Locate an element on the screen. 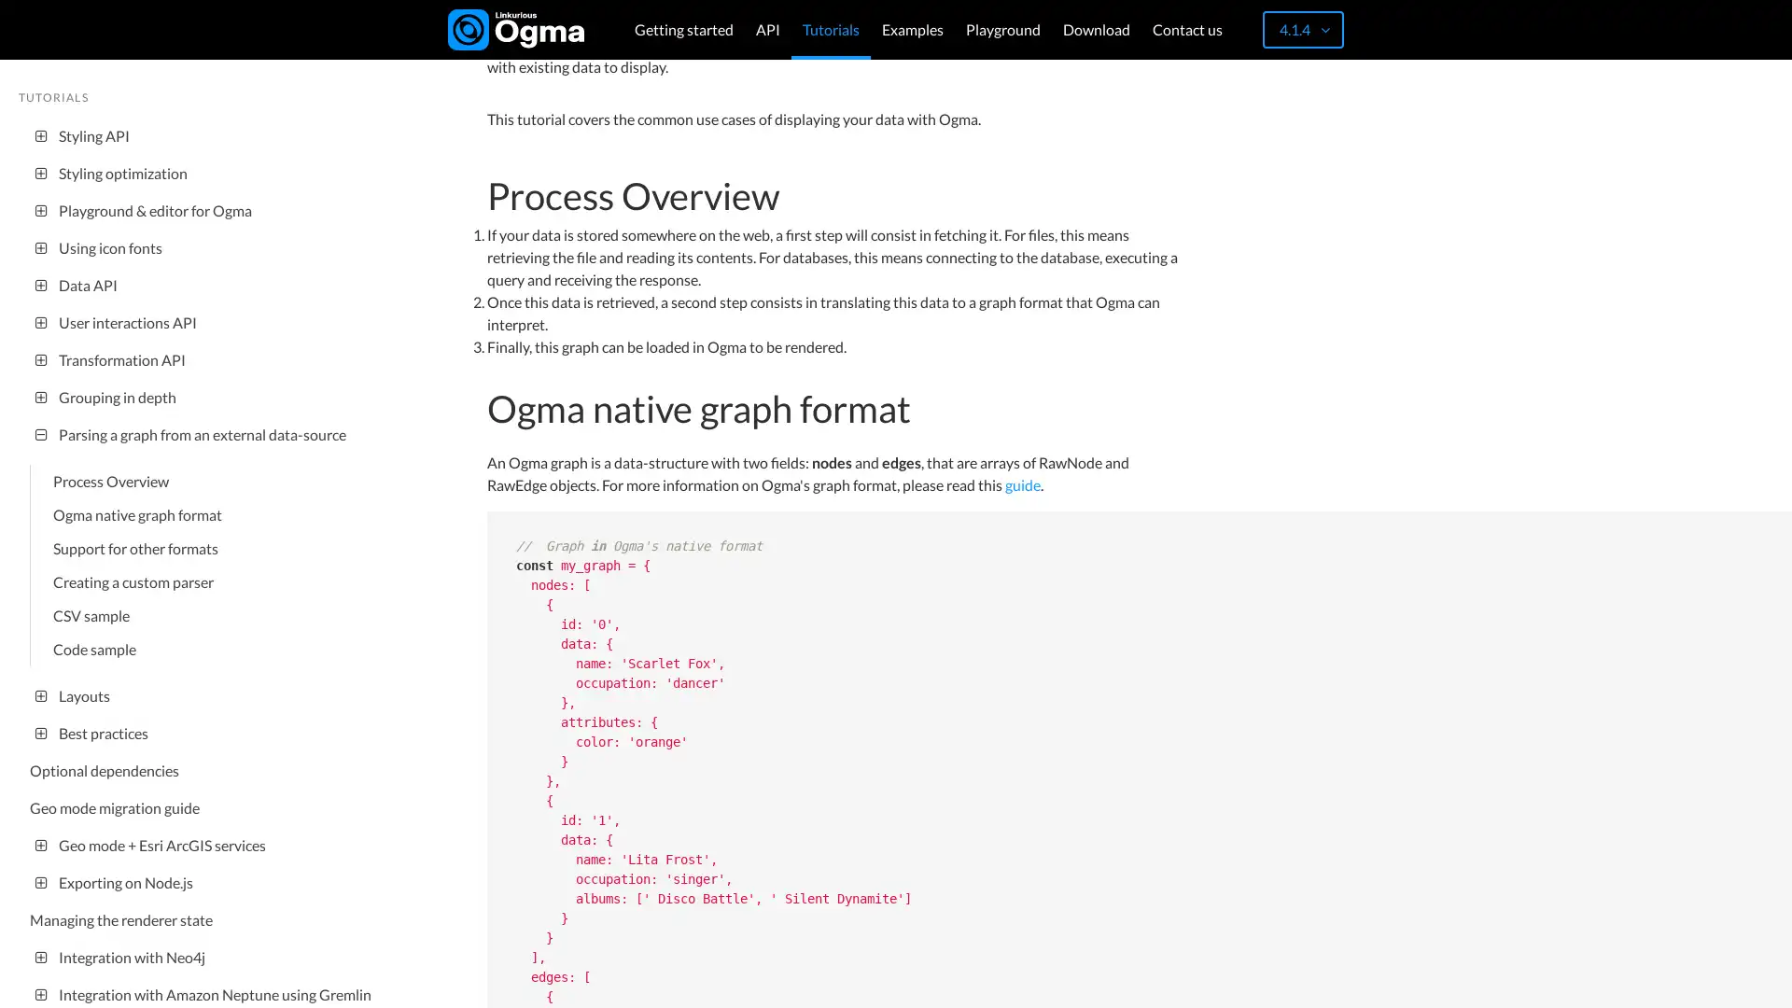 This screenshot has width=1792, height=1008. 4.1.4 is located at coordinates (1302, 29).